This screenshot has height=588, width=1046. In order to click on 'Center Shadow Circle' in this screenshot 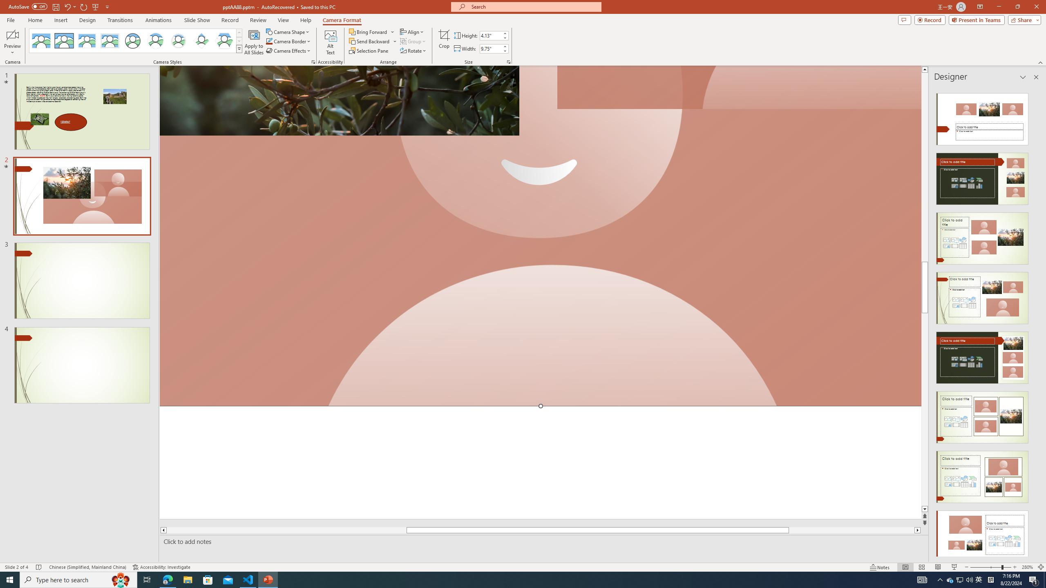, I will do `click(155, 40)`.